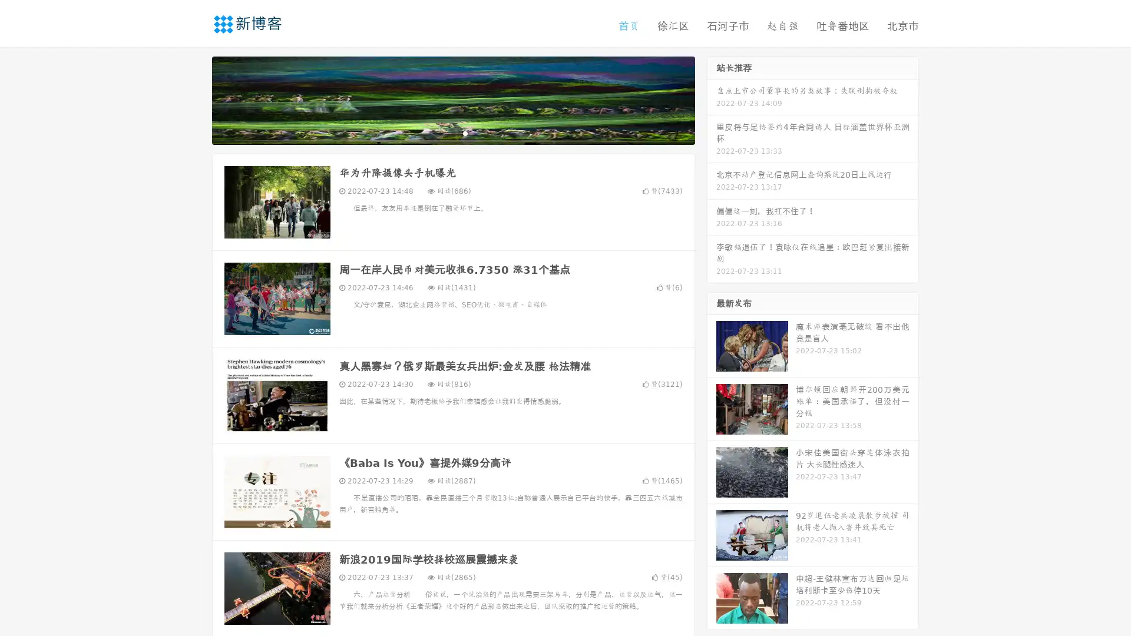 This screenshot has height=636, width=1131. I want to click on Previous slide, so click(194, 99).